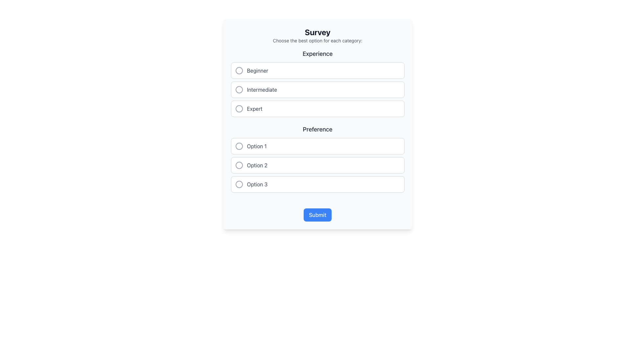  What do you see at coordinates (262, 90) in the screenshot?
I see `the text label displaying 'Intermediate' in the 'Experience' section of the selectable options, which is styled in gray and positioned next to an empty circular icon` at bounding box center [262, 90].